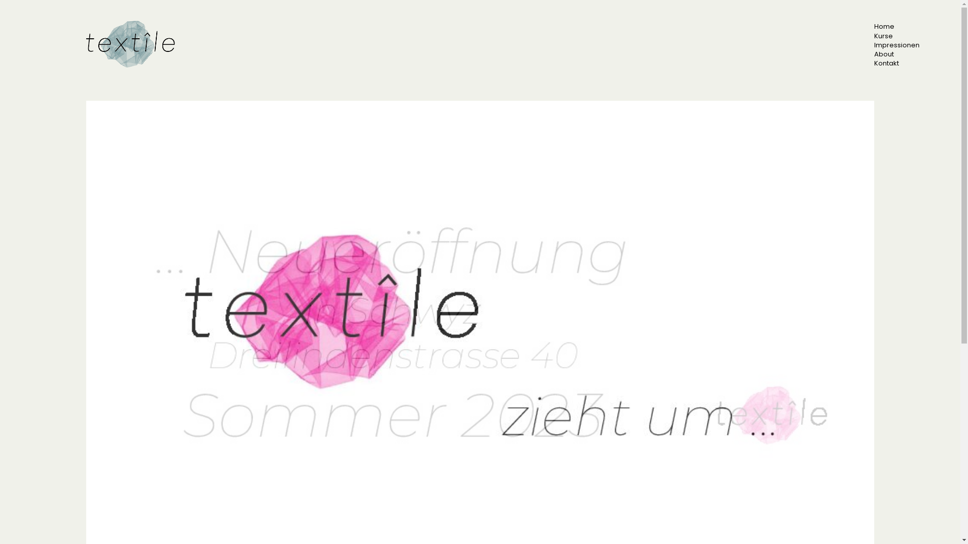 The image size is (968, 544). What do you see at coordinates (897, 44) in the screenshot?
I see `'Impressionen'` at bounding box center [897, 44].